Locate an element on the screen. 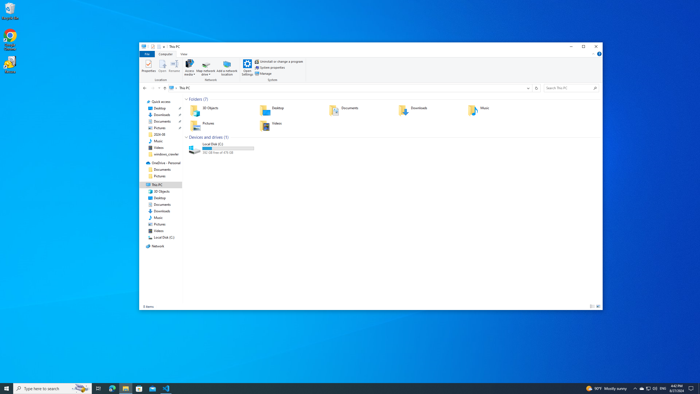 The image size is (700, 394). 'File Explorer - 1 running window' is located at coordinates (125, 388).